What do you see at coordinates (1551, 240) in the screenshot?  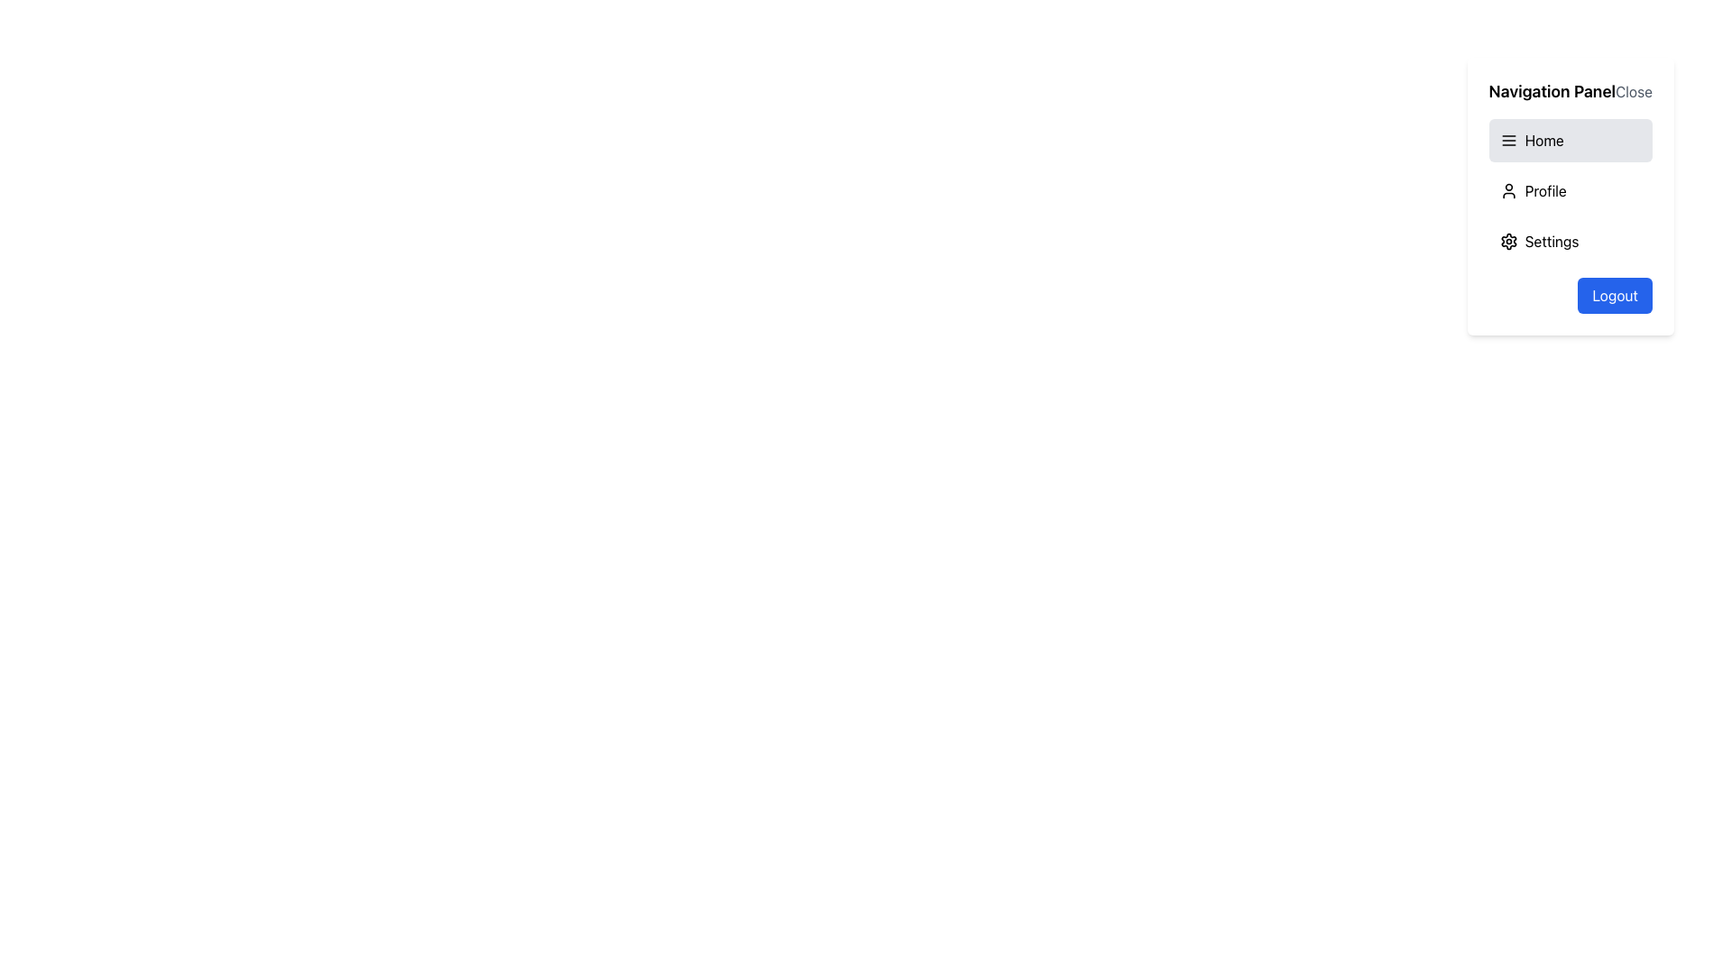 I see `the 'Settings' text label component, which is the third entry in the vertical menu list of the navigation panel, styled with black text and a clean font` at bounding box center [1551, 240].